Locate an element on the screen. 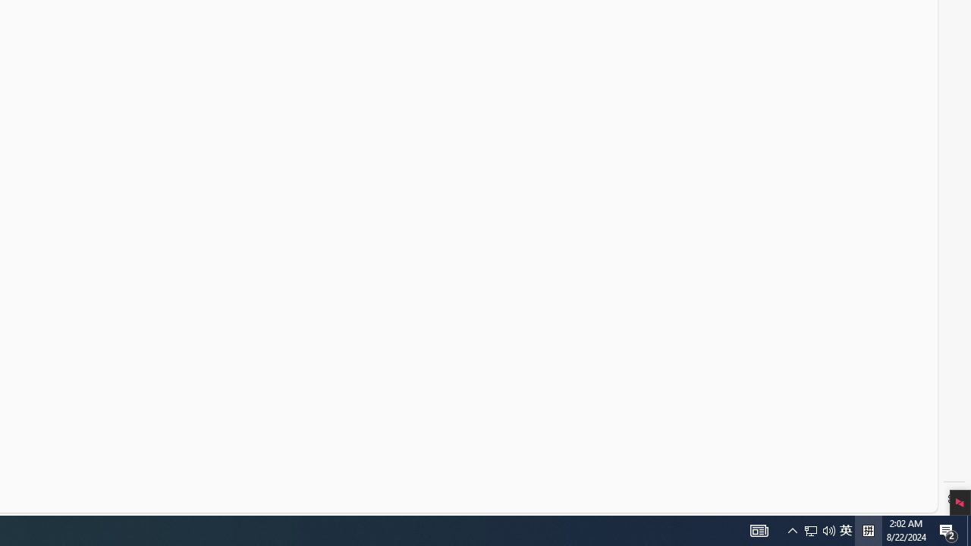 The image size is (971, 546). 'Notification Chevron' is located at coordinates (759, 529).